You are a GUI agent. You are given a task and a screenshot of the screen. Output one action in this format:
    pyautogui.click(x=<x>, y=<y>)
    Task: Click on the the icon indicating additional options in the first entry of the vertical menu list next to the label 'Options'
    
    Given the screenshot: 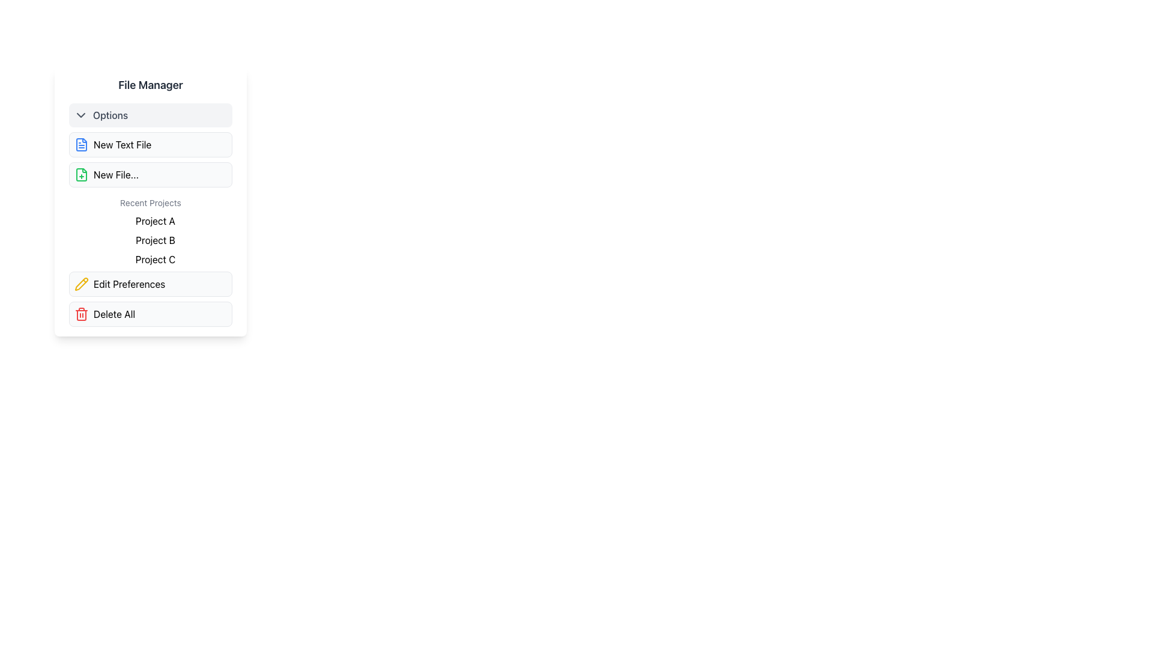 What is the action you would take?
    pyautogui.click(x=80, y=115)
    